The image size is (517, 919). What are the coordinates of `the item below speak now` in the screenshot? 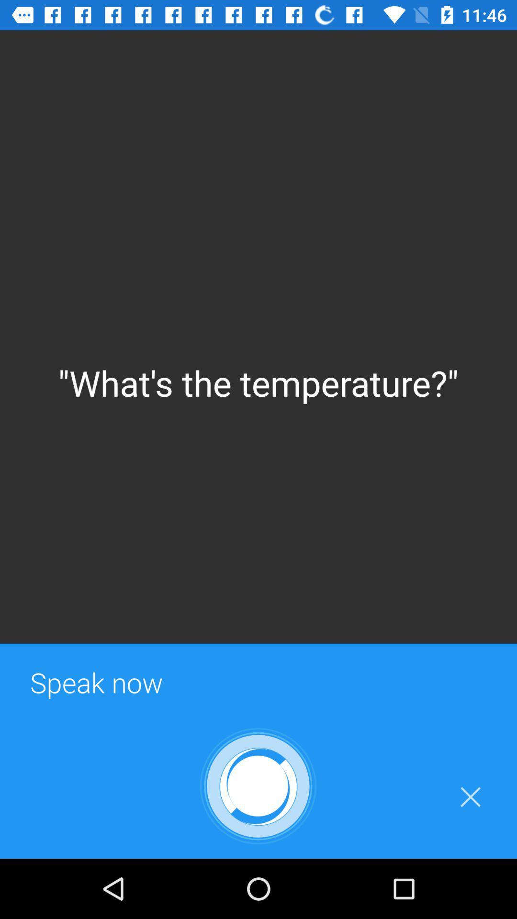 It's located at (470, 797).